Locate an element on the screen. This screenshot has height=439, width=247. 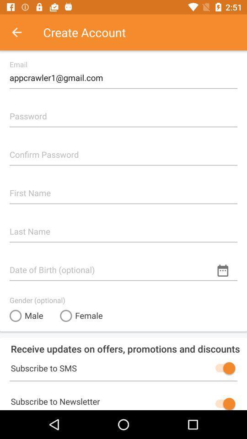
space for password is located at coordinates (123, 112).